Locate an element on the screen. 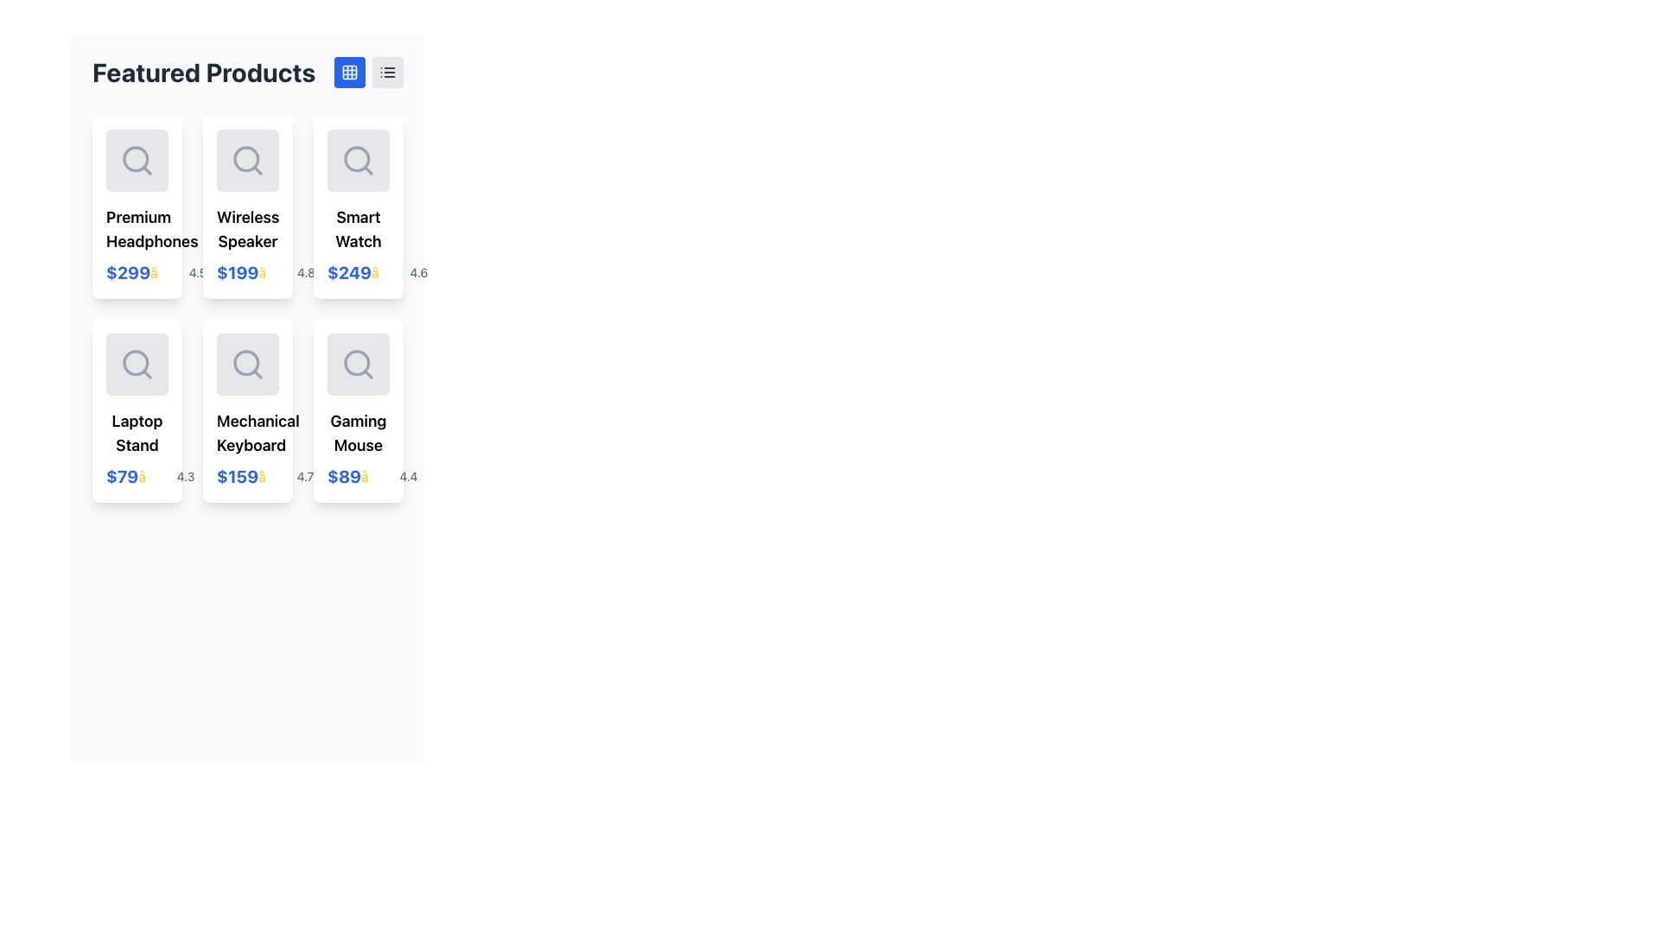 This screenshot has width=1659, height=933. the search icon located in the bottom-right card of the product grid is located at coordinates (357, 363).